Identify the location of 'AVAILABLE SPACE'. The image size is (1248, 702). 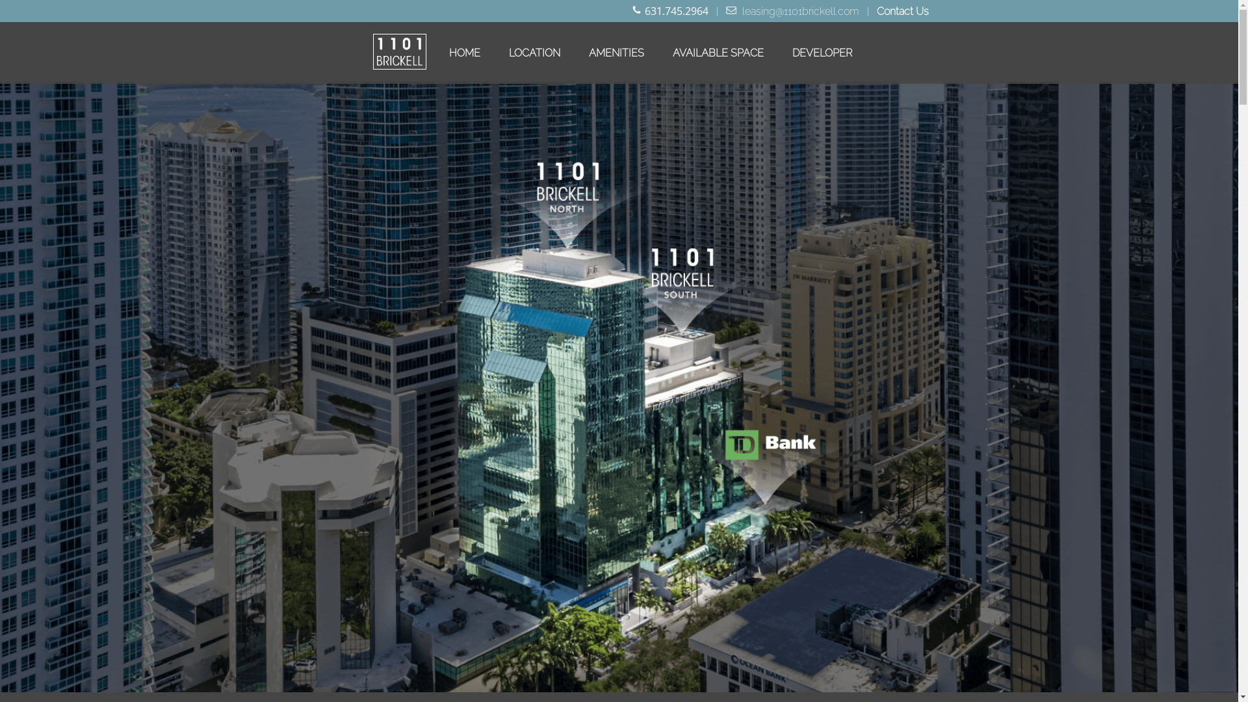
(717, 52).